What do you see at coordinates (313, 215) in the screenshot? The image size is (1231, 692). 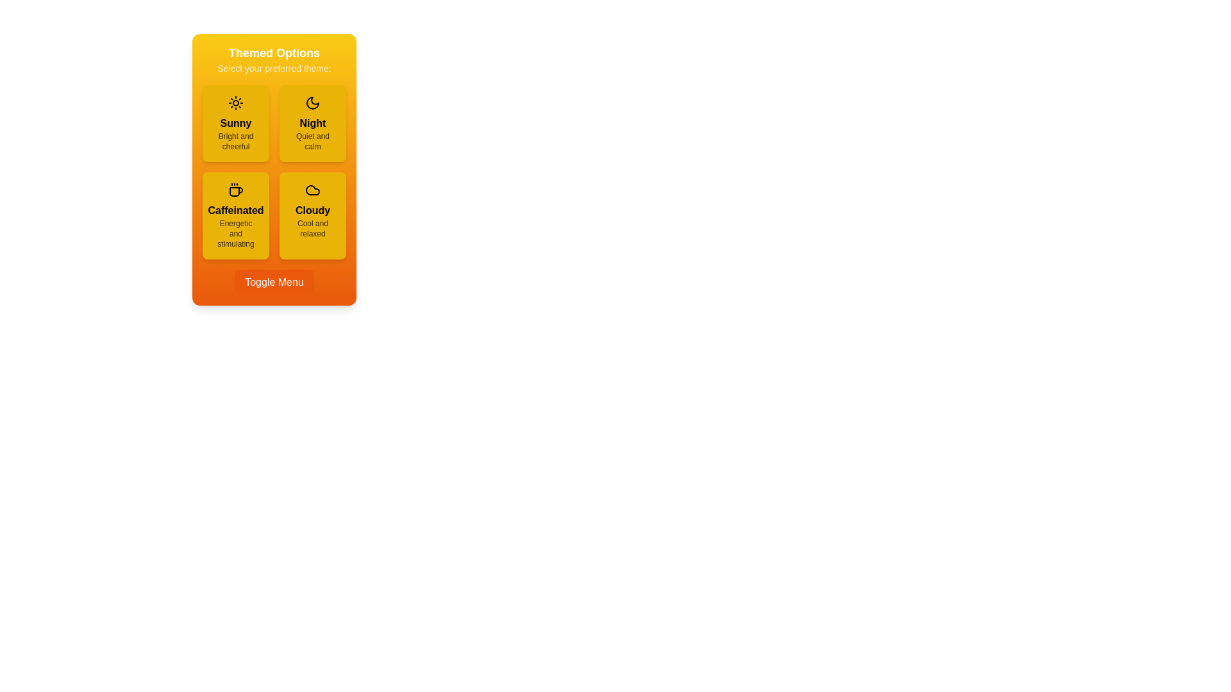 I see `the theme option Cloudy to view its hover effect` at bounding box center [313, 215].